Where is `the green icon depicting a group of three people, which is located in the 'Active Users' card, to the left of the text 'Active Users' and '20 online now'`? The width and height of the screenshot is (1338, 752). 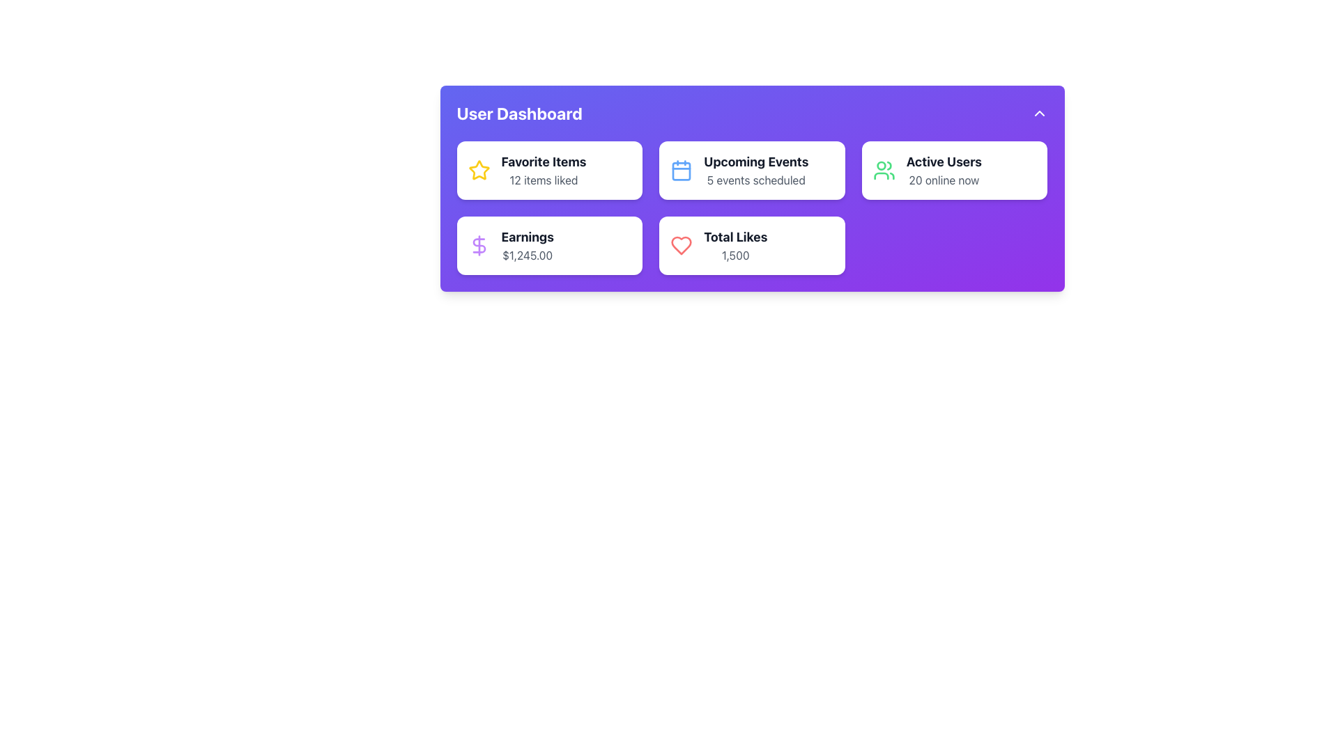
the green icon depicting a group of three people, which is located in the 'Active Users' card, to the left of the text 'Active Users' and '20 online now' is located at coordinates (883, 170).